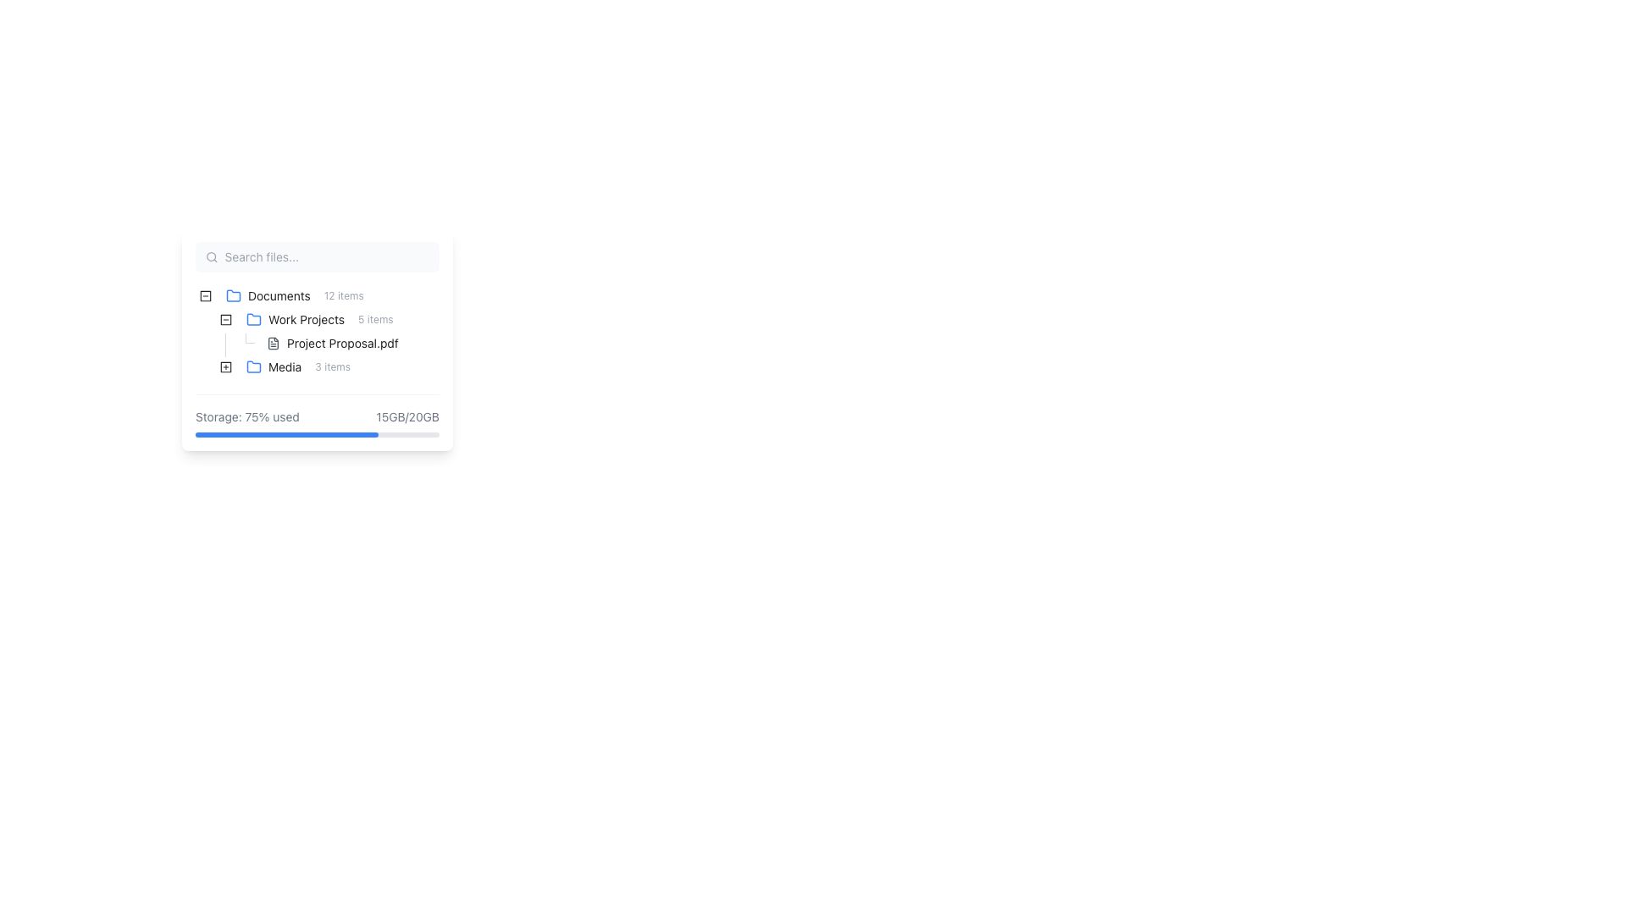 The image size is (1626, 914). I want to click on the 'Media' folder label located under 'Work Projects', so click(298, 366).